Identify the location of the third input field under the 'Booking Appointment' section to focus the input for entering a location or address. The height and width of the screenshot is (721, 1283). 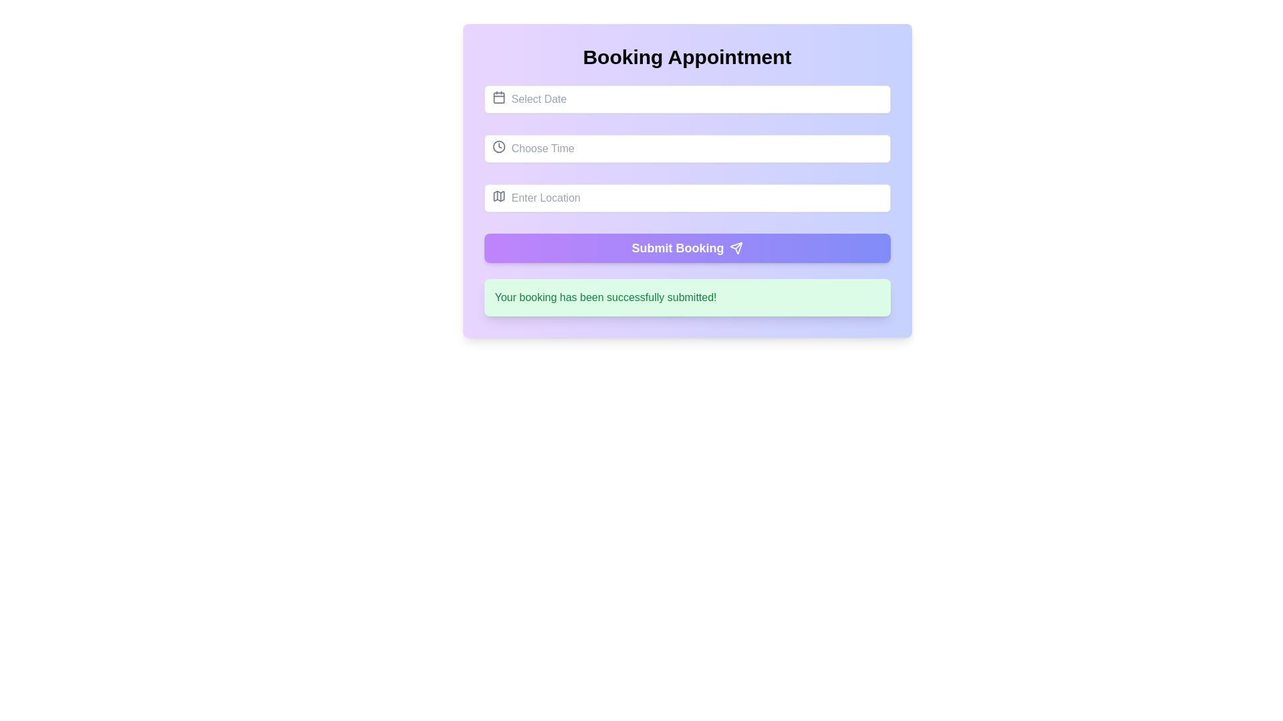
(687, 198).